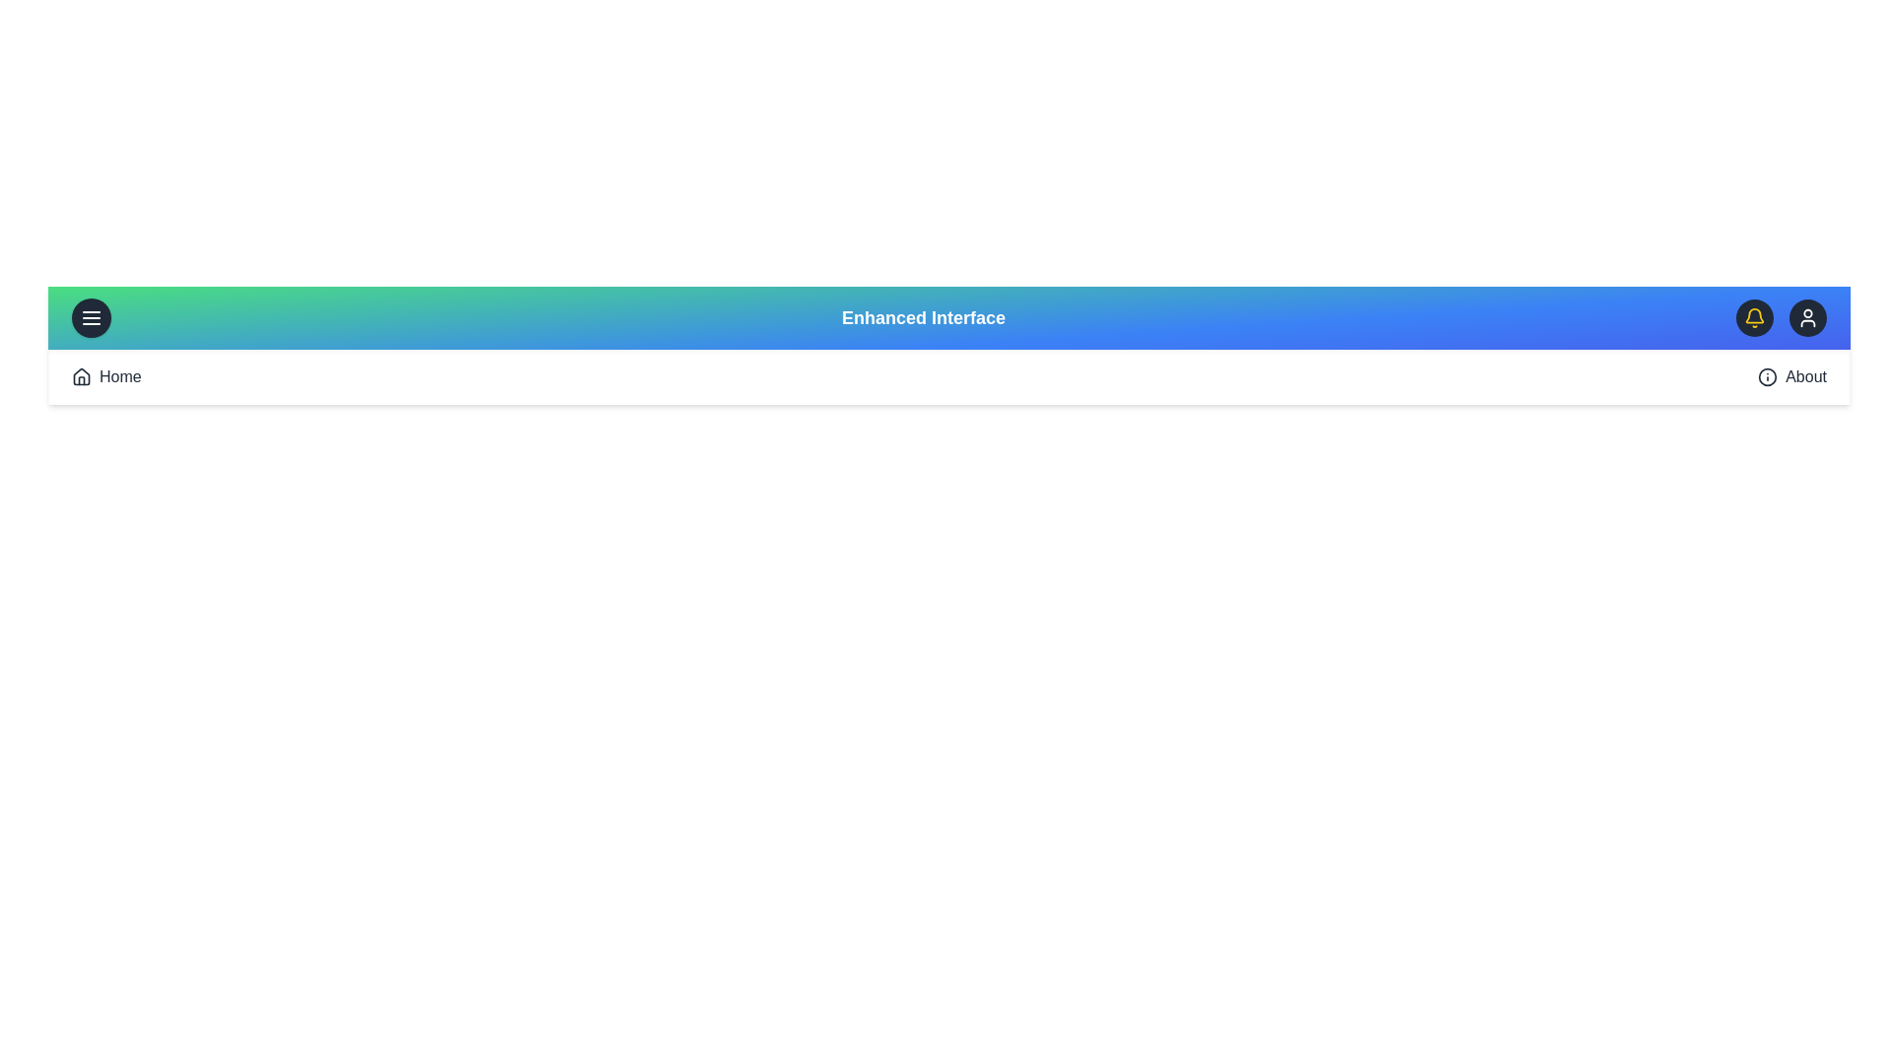  I want to click on menu button to toggle the menu open or closed, so click(90, 317).